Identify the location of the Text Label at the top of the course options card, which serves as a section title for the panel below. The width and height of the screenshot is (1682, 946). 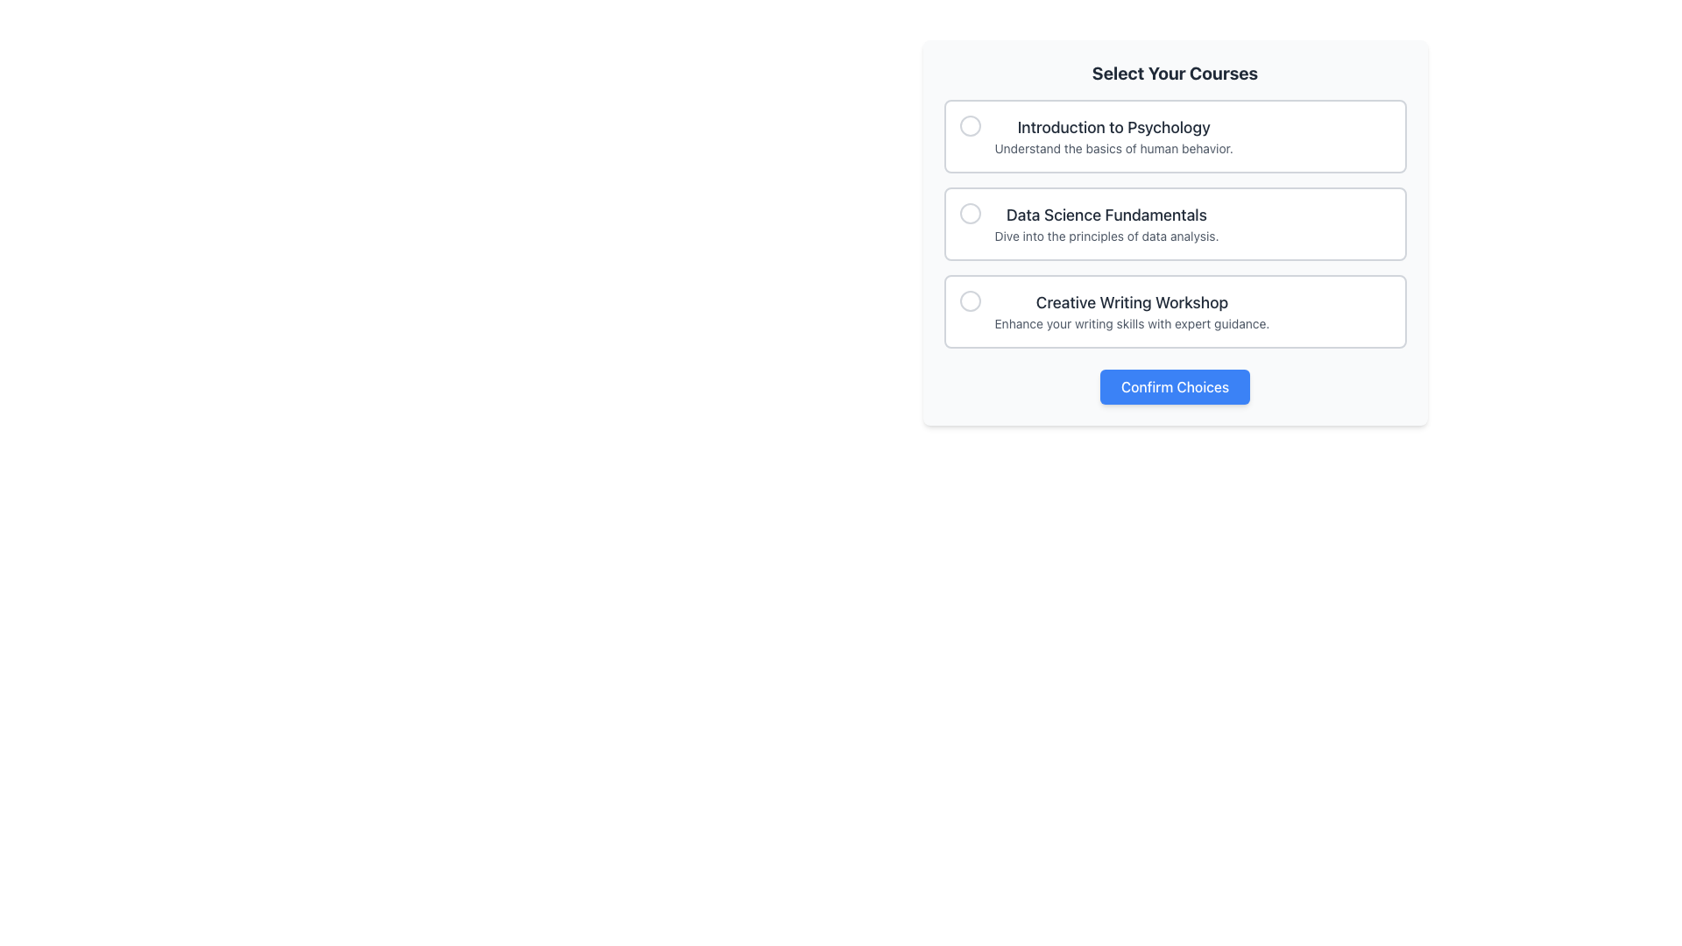
(1175, 73).